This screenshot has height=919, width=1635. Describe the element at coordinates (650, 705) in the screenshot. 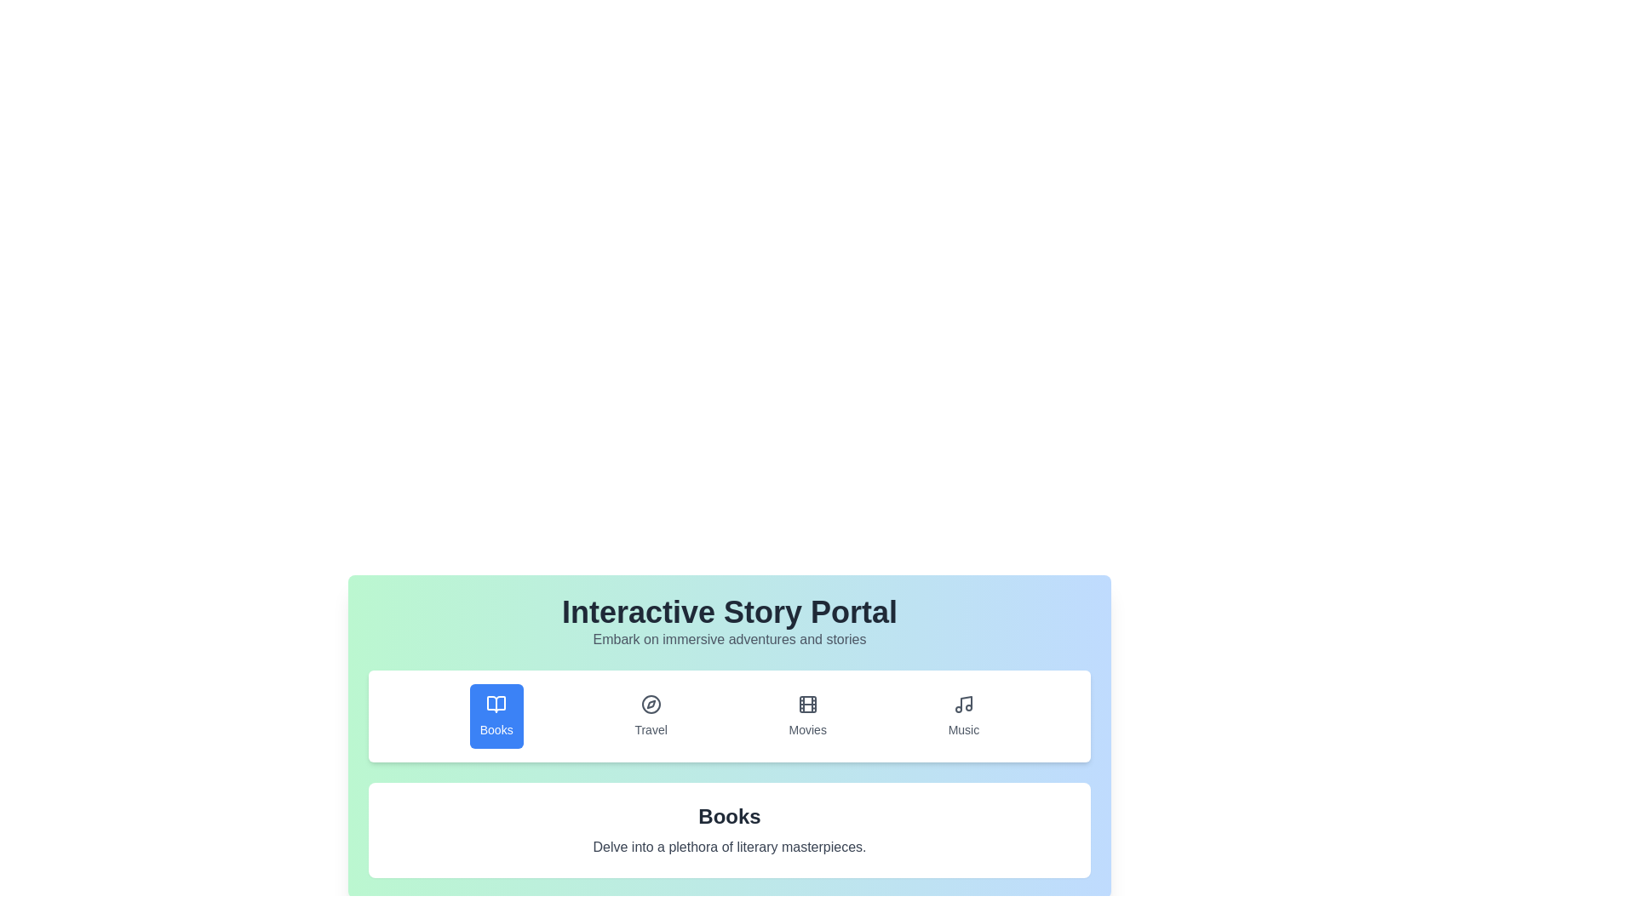

I see `the compass-like 'Travel' icon, which is the second icon from the left in the navigation options below the header` at that location.